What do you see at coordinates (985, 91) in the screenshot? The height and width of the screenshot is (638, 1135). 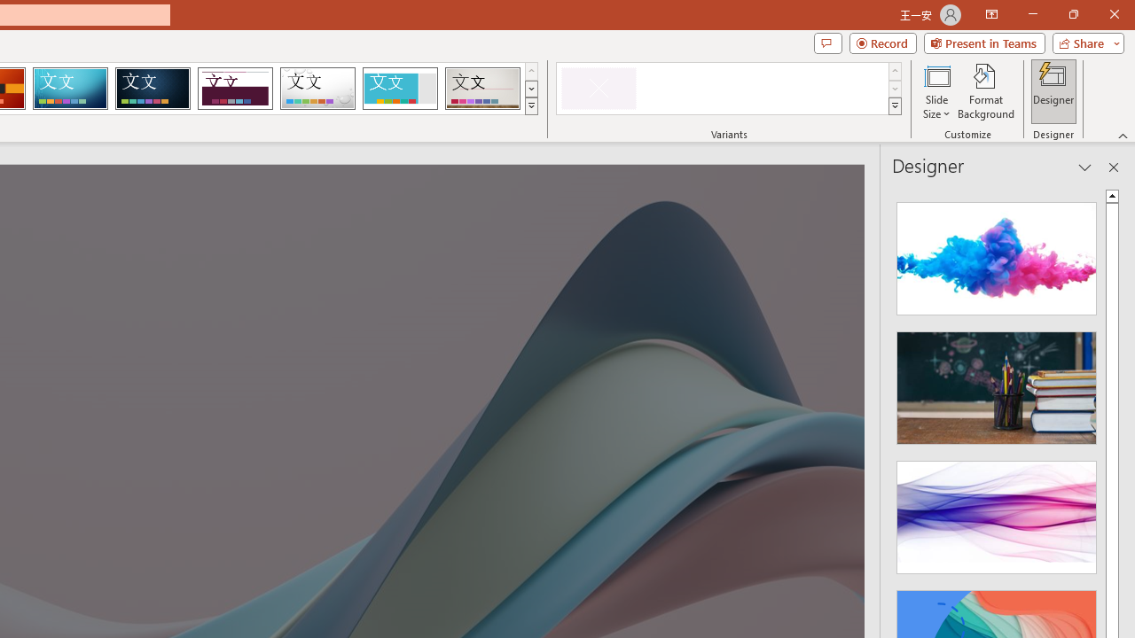 I see `'Format Background'` at bounding box center [985, 91].